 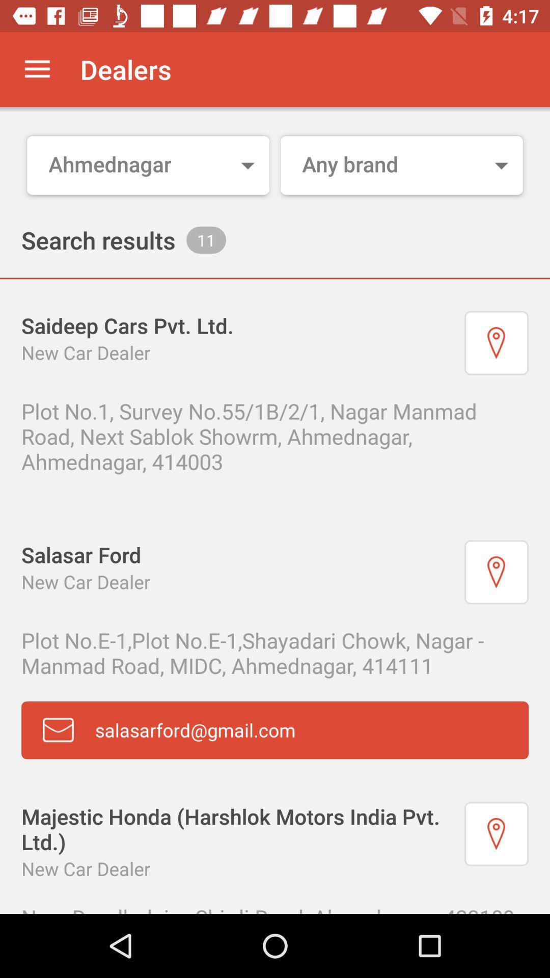 I want to click on dealer, so click(x=496, y=572).